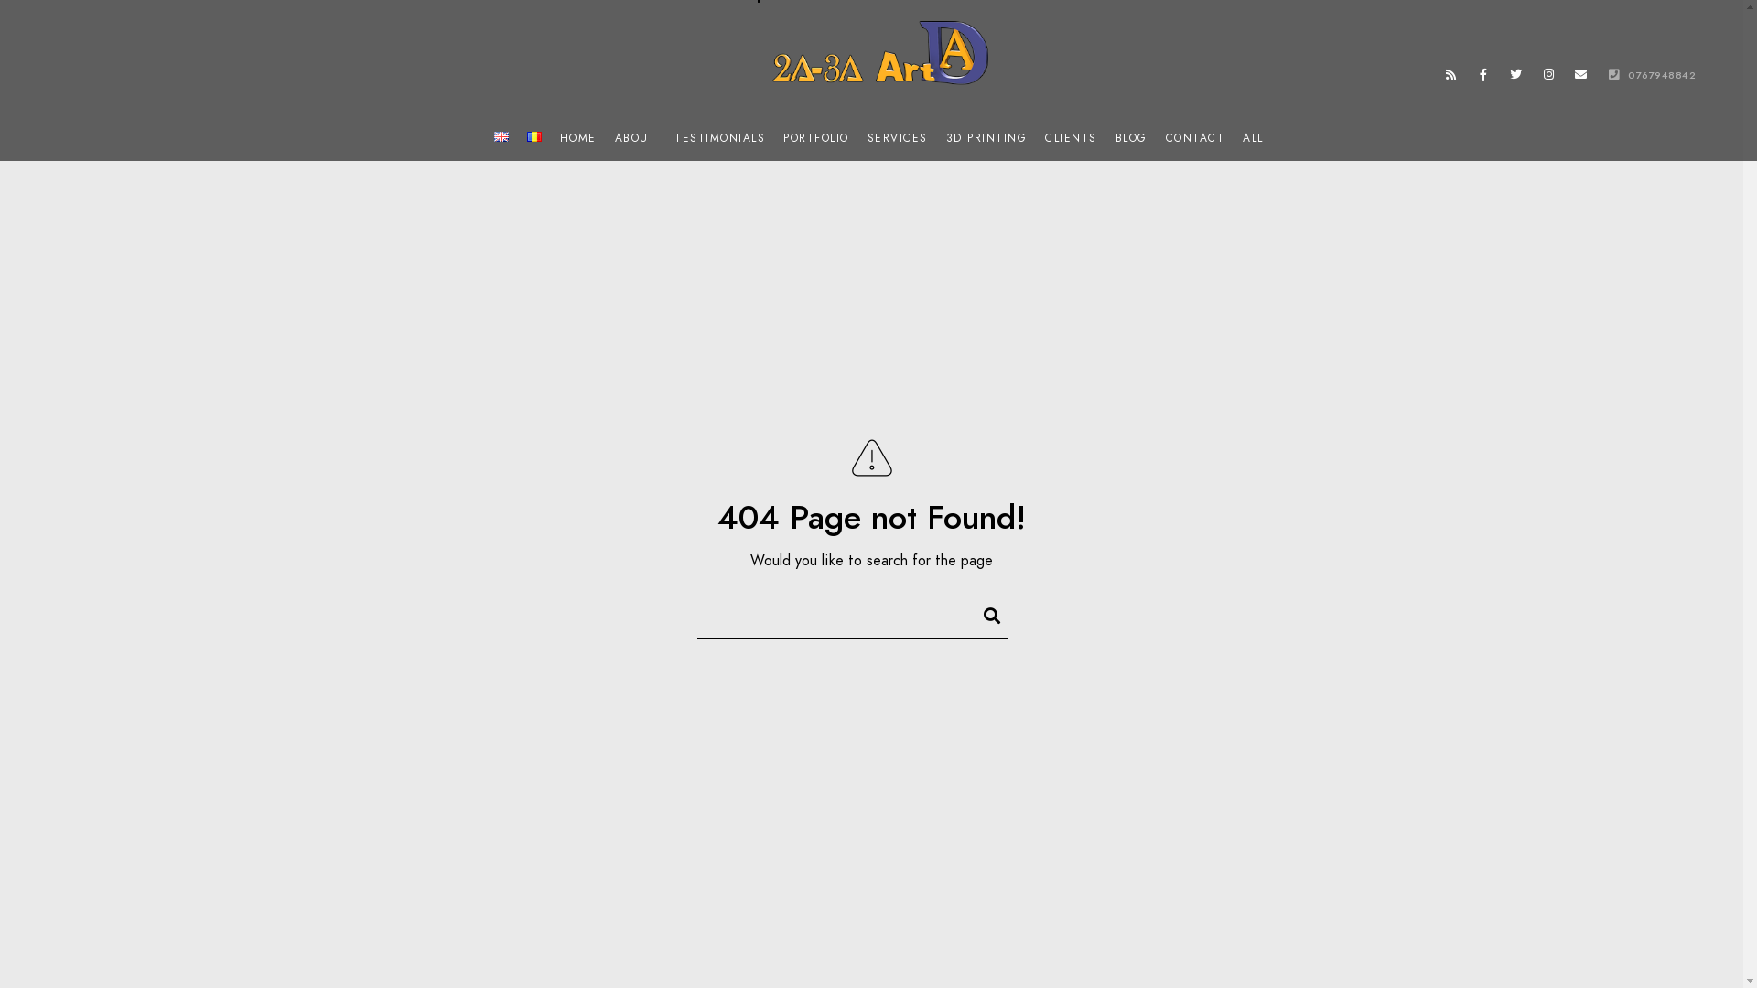 This screenshot has width=1757, height=988. What do you see at coordinates (636, 136) in the screenshot?
I see `'ABOUT'` at bounding box center [636, 136].